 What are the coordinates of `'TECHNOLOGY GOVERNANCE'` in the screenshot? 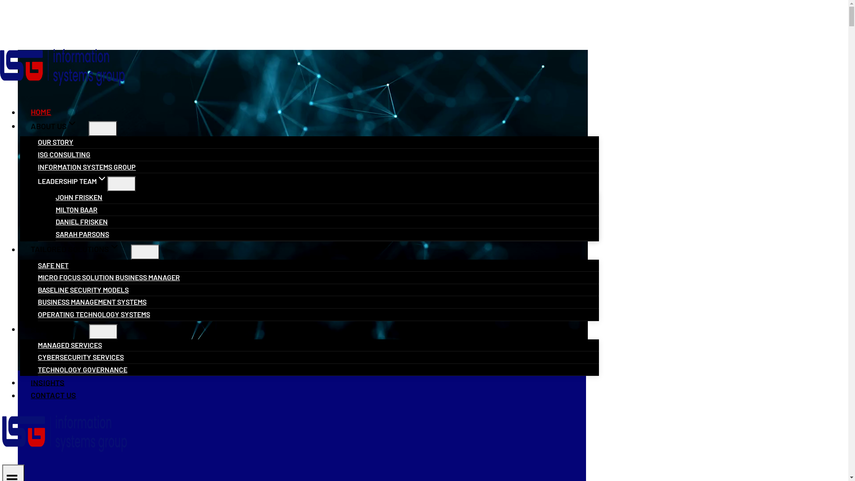 It's located at (37, 369).